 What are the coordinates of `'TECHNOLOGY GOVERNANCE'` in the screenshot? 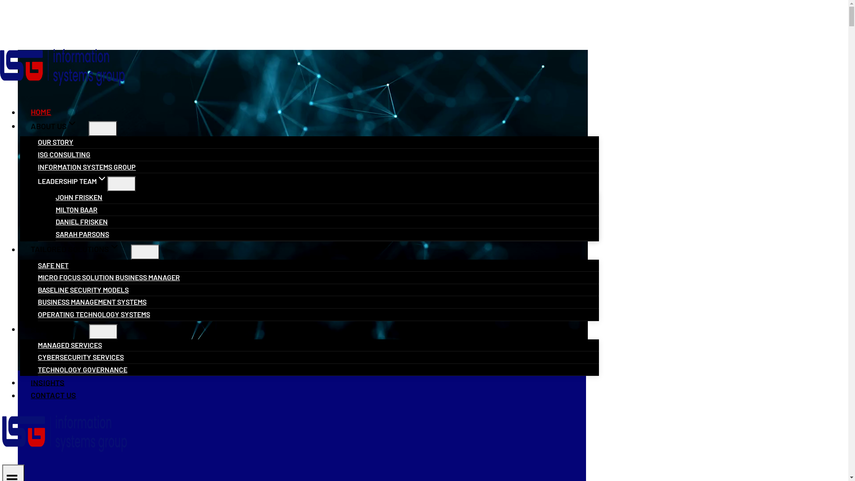 It's located at (37, 369).